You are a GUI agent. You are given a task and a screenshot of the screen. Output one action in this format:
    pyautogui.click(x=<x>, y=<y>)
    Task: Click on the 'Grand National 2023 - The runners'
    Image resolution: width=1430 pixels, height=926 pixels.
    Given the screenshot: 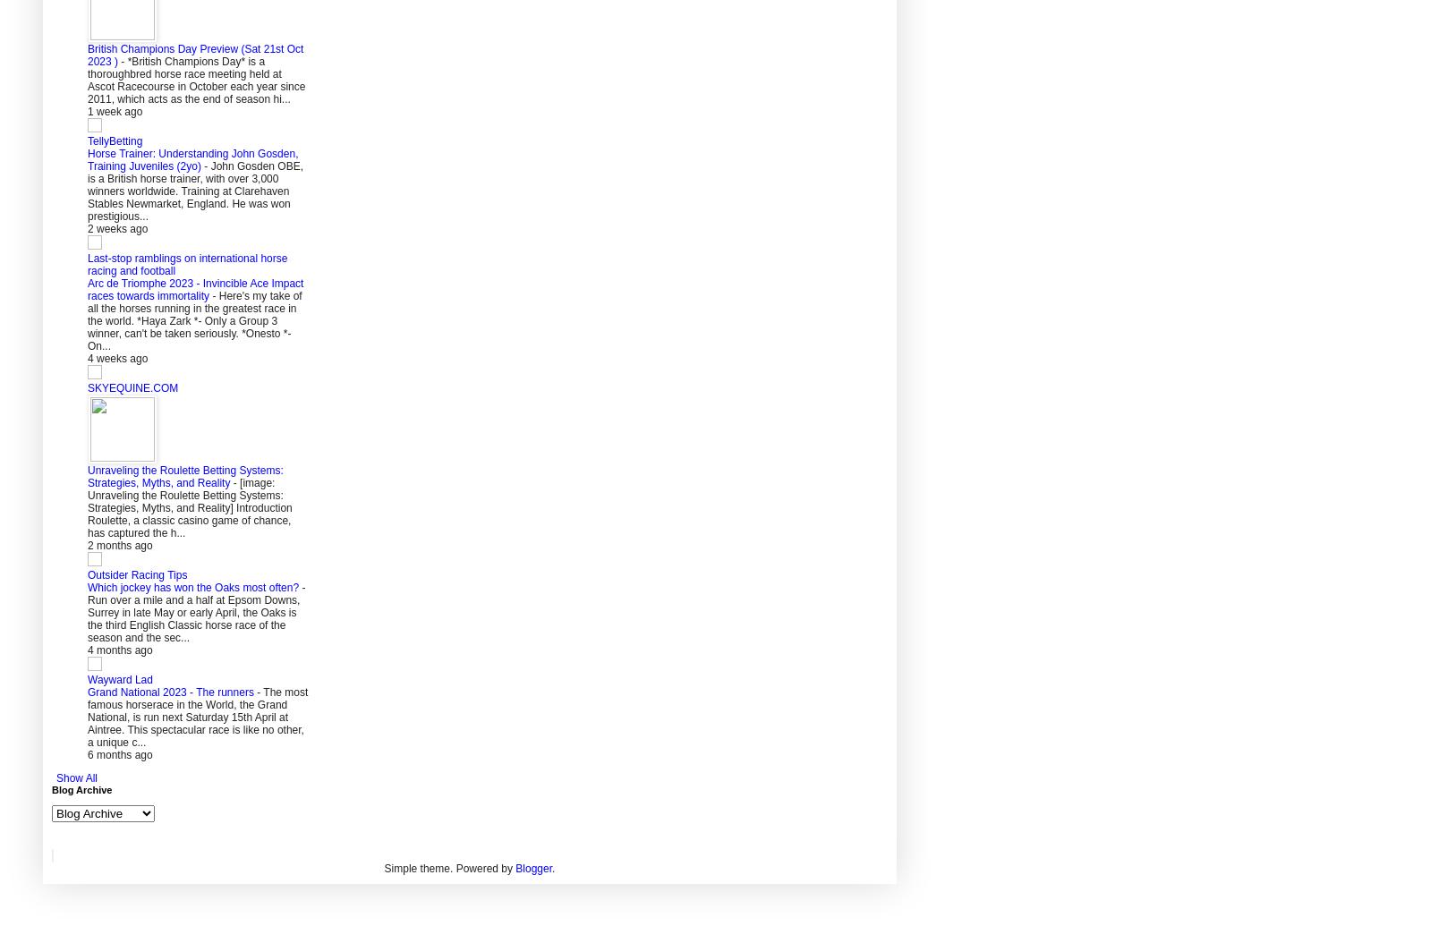 What is the action you would take?
    pyautogui.click(x=171, y=691)
    